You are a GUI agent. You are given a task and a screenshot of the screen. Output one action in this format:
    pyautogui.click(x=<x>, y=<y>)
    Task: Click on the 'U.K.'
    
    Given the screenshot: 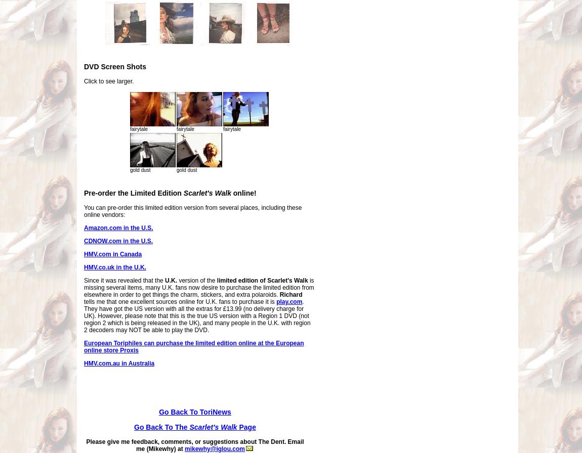 What is the action you would take?
    pyautogui.click(x=171, y=280)
    